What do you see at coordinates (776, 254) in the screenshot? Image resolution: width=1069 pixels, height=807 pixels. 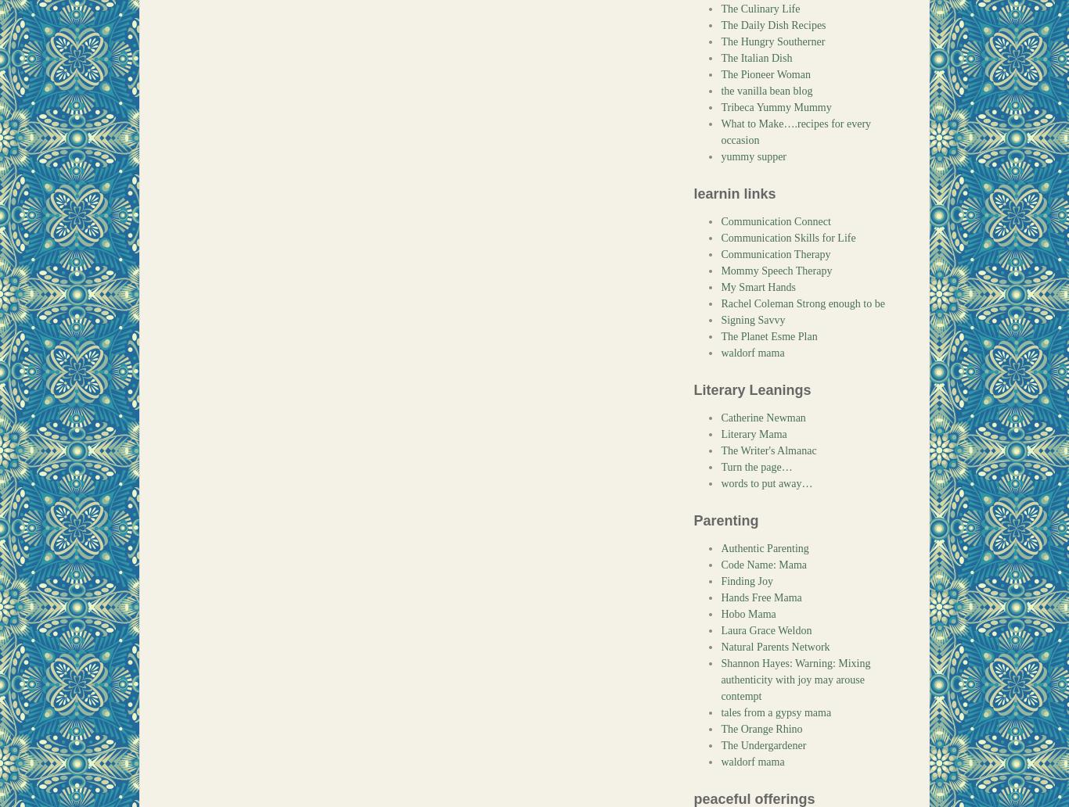 I see `'Communication Therapy'` at bounding box center [776, 254].